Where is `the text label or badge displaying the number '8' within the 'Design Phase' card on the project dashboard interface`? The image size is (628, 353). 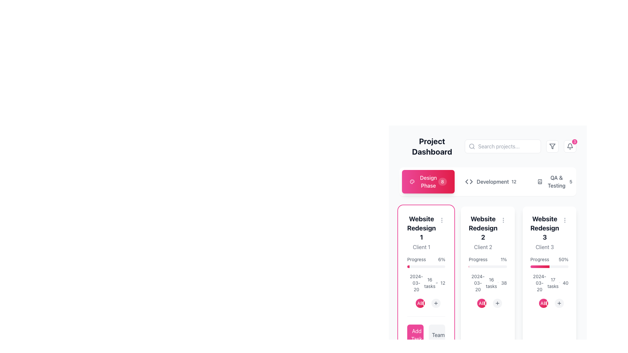 the text label or badge displaying the number '8' within the 'Design Phase' card on the project dashboard interface is located at coordinates (443, 181).